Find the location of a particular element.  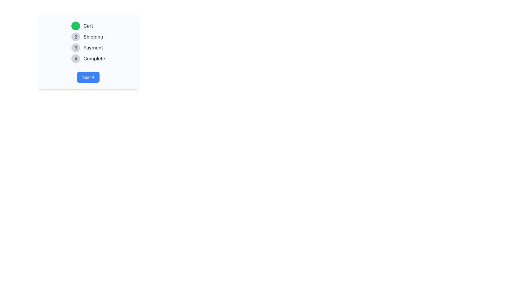

the Step Indicator Badge, which indicates the current step in the payment stage of a vertical stepper component, positioned between the 'Shipping' step (number 2) and the 'Complete' step (number 4) is located at coordinates (75, 47).